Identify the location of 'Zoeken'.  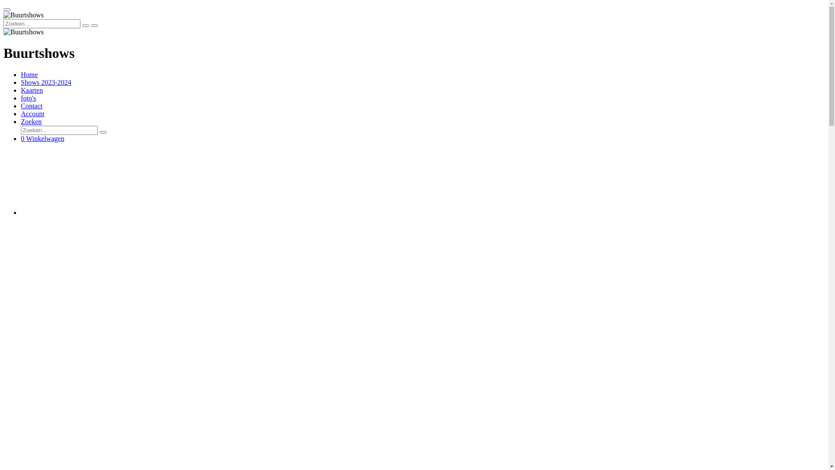
(31, 121).